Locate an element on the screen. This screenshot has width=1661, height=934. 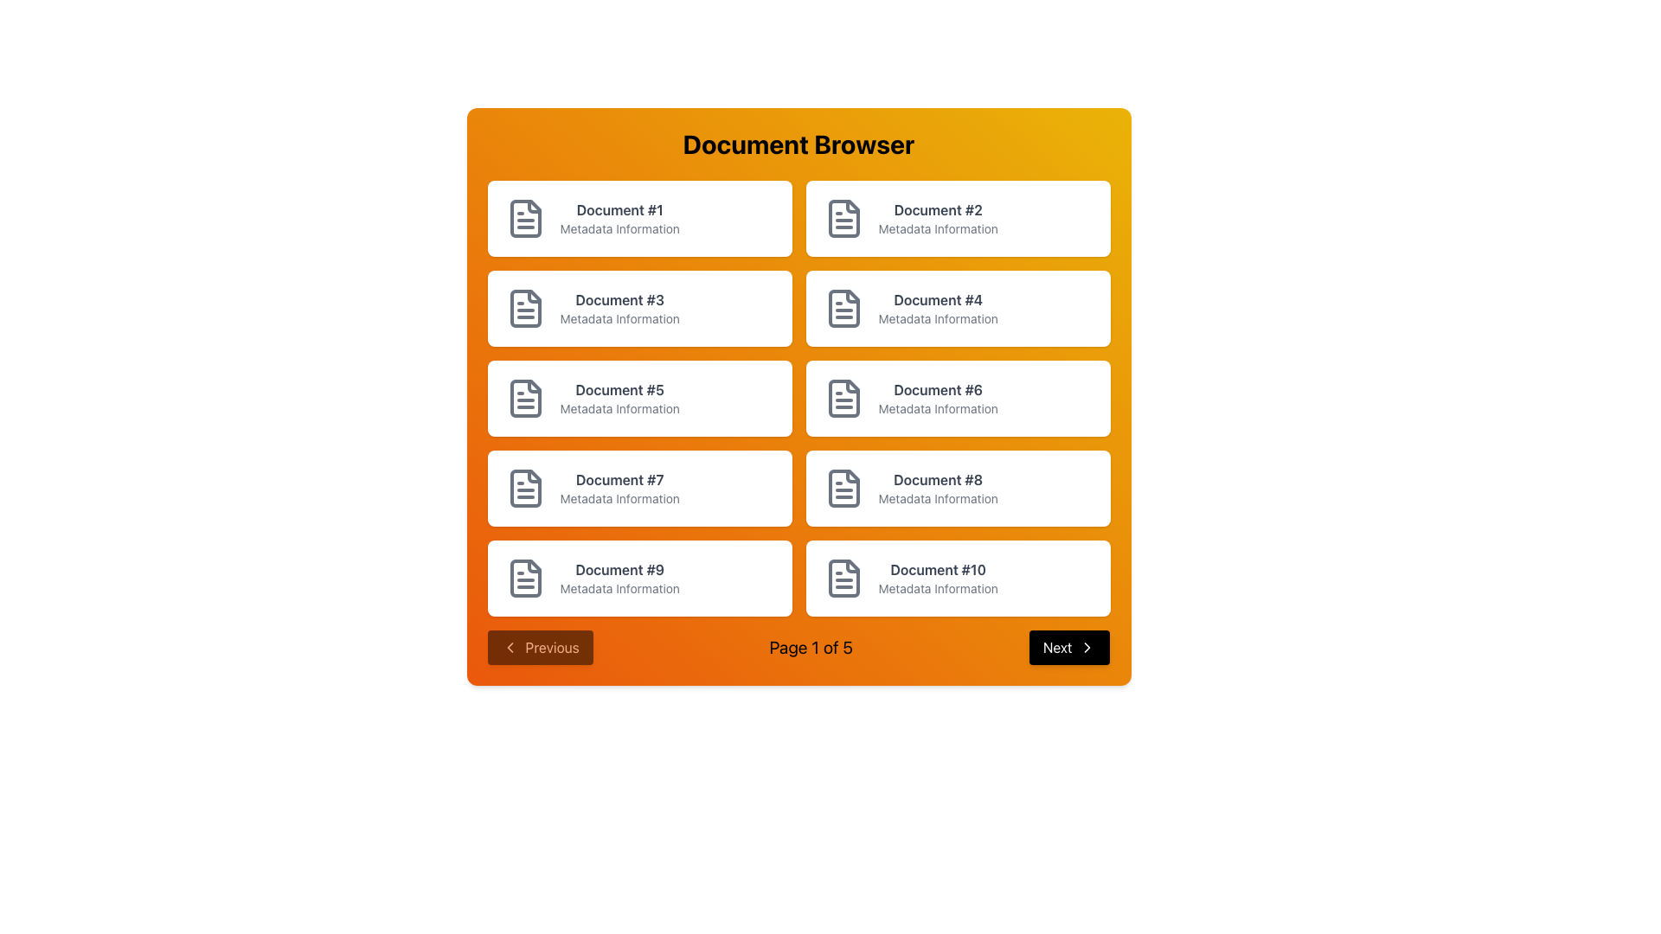
the text label displaying 'Page 1 of 5', which is centrally aligned in the footer and positioned between the 'Previous' and 'Next' buttons is located at coordinates (810, 647).